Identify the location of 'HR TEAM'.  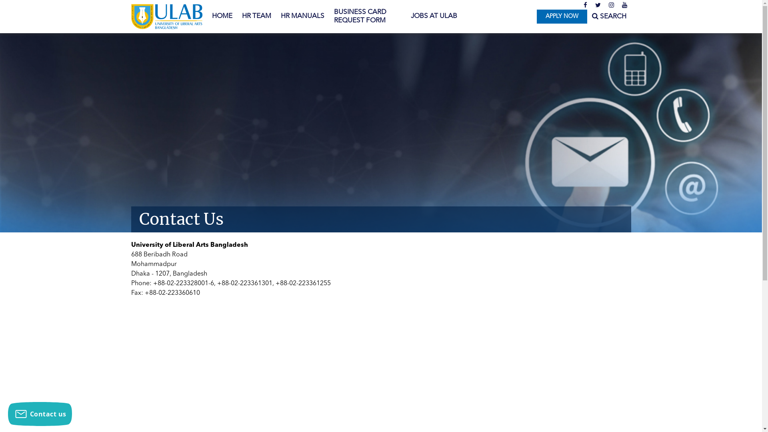
(256, 16).